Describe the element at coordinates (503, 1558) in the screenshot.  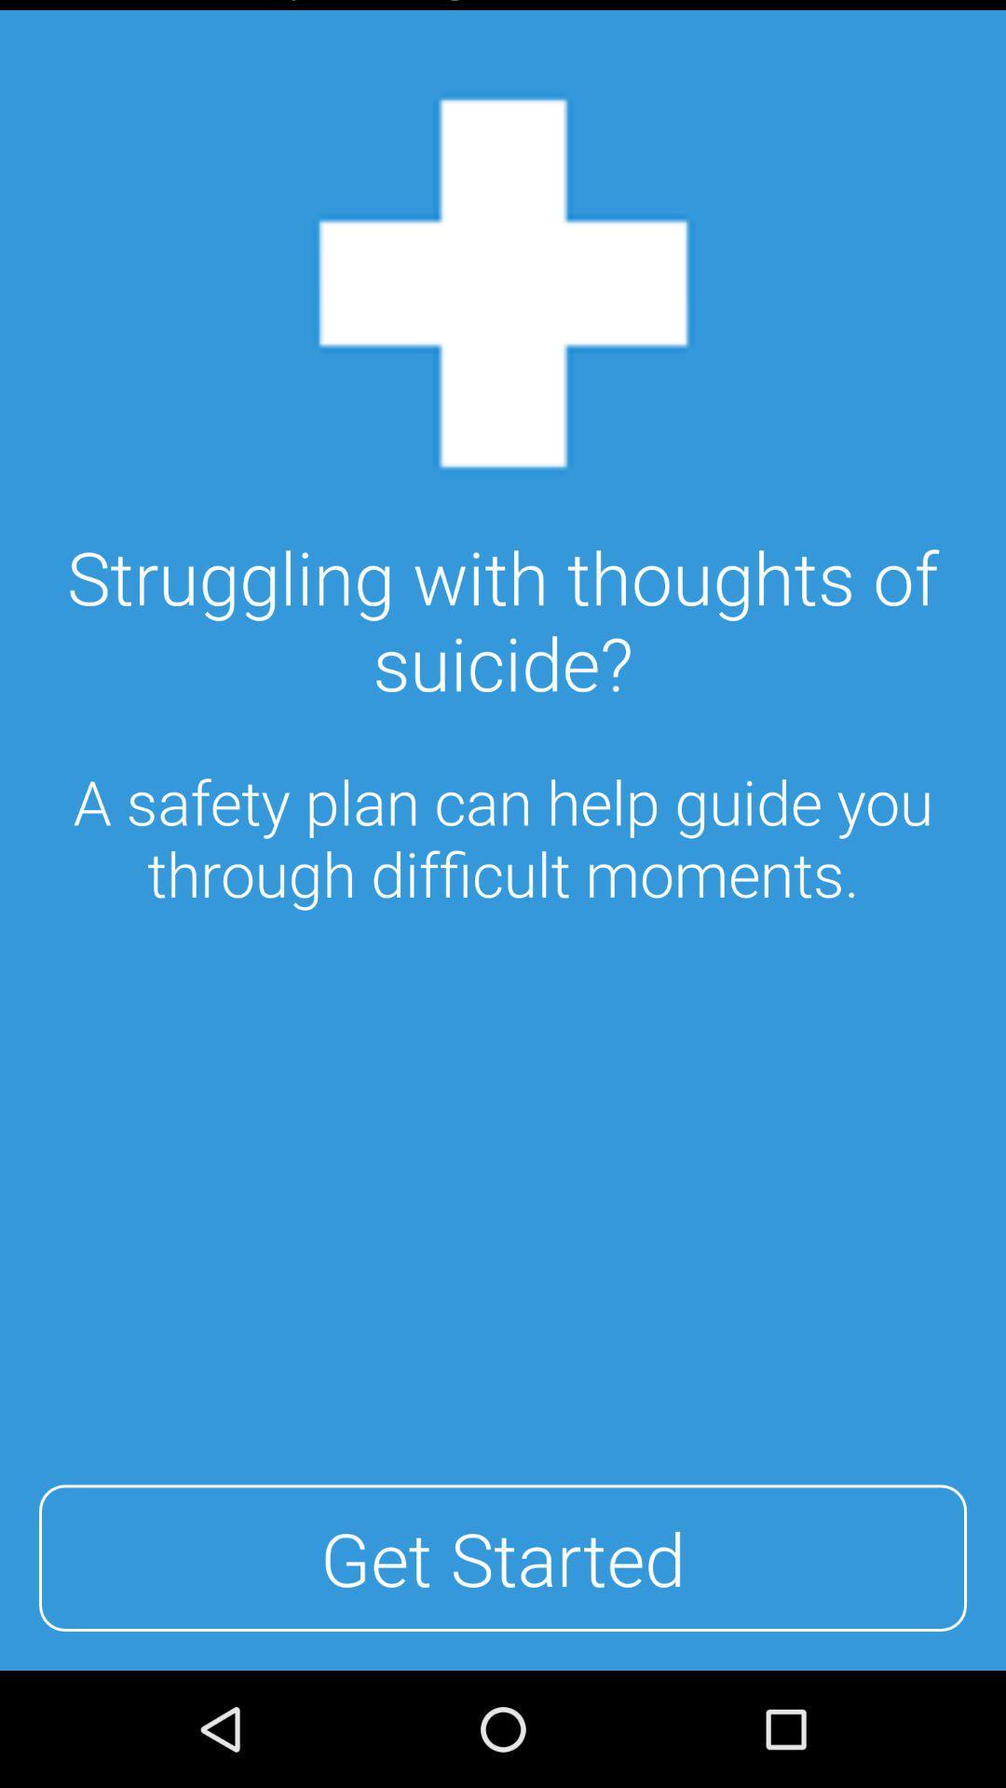
I see `item at the bottom` at that location.